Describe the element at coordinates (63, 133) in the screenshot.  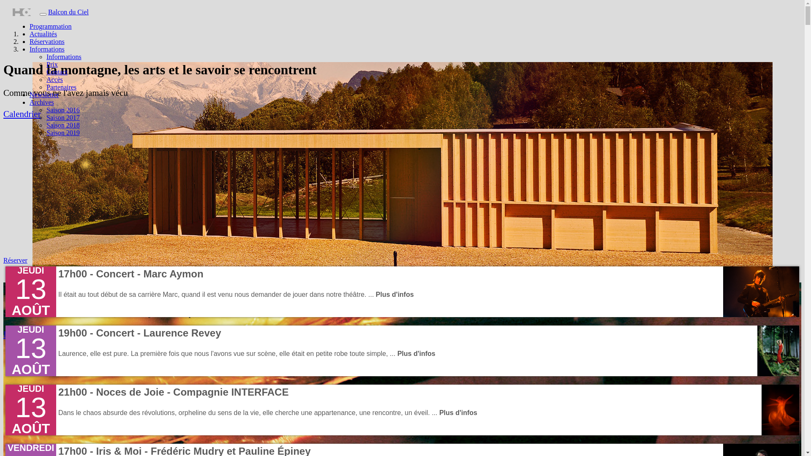
I see `'Saison 2019'` at that location.